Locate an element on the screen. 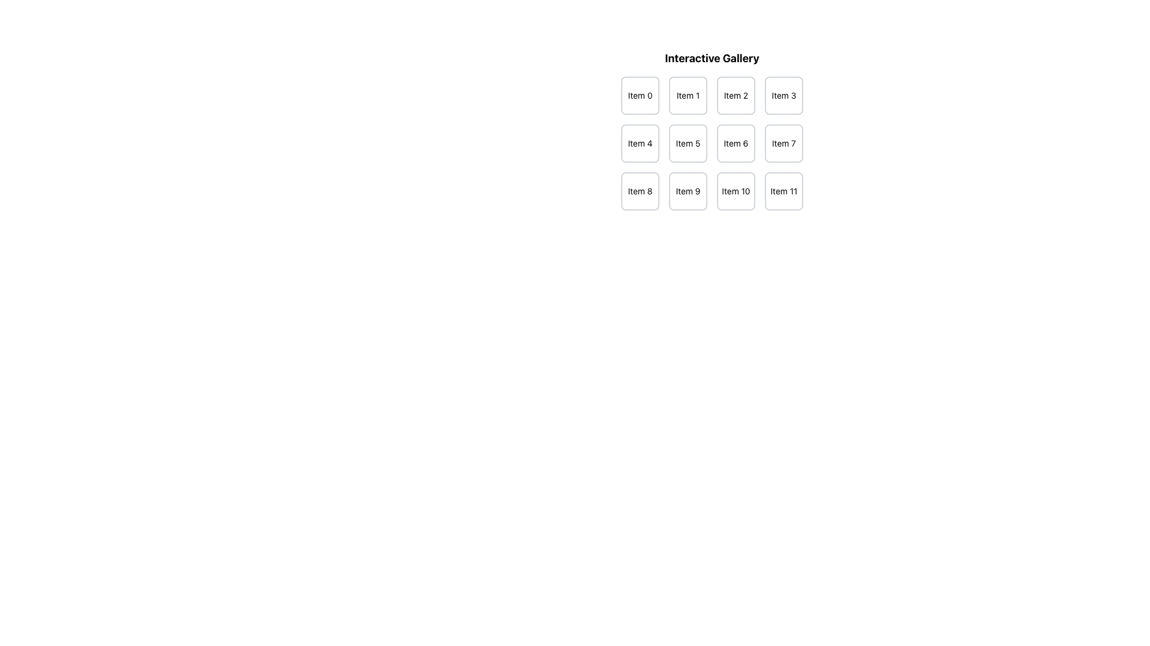 The width and height of the screenshot is (1150, 646). the first selectable item in the interactive grid gallery is located at coordinates (640, 95).